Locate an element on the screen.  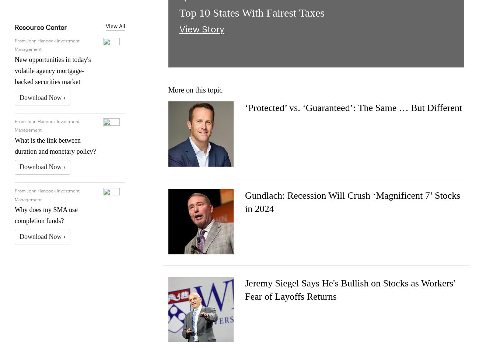
'Top 10 States With Fairest Taxes' is located at coordinates (251, 12).